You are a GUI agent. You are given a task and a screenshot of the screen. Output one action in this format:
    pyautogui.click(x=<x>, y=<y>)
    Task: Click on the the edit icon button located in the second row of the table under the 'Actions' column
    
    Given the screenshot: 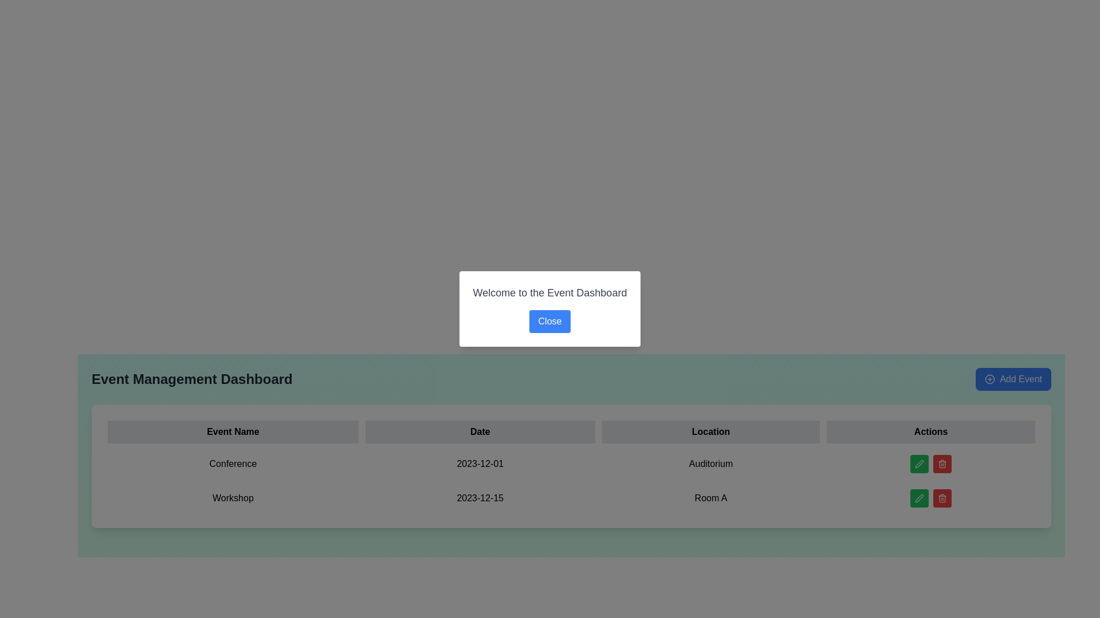 What is the action you would take?
    pyautogui.click(x=920, y=498)
    